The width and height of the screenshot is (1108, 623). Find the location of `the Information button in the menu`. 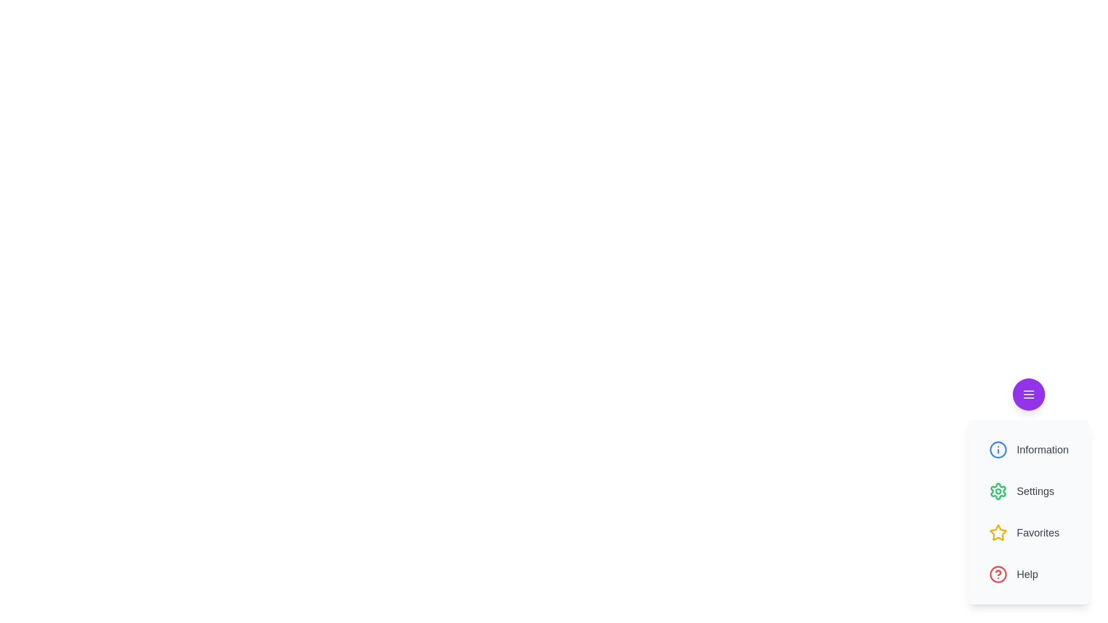

the Information button in the menu is located at coordinates (1028, 449).